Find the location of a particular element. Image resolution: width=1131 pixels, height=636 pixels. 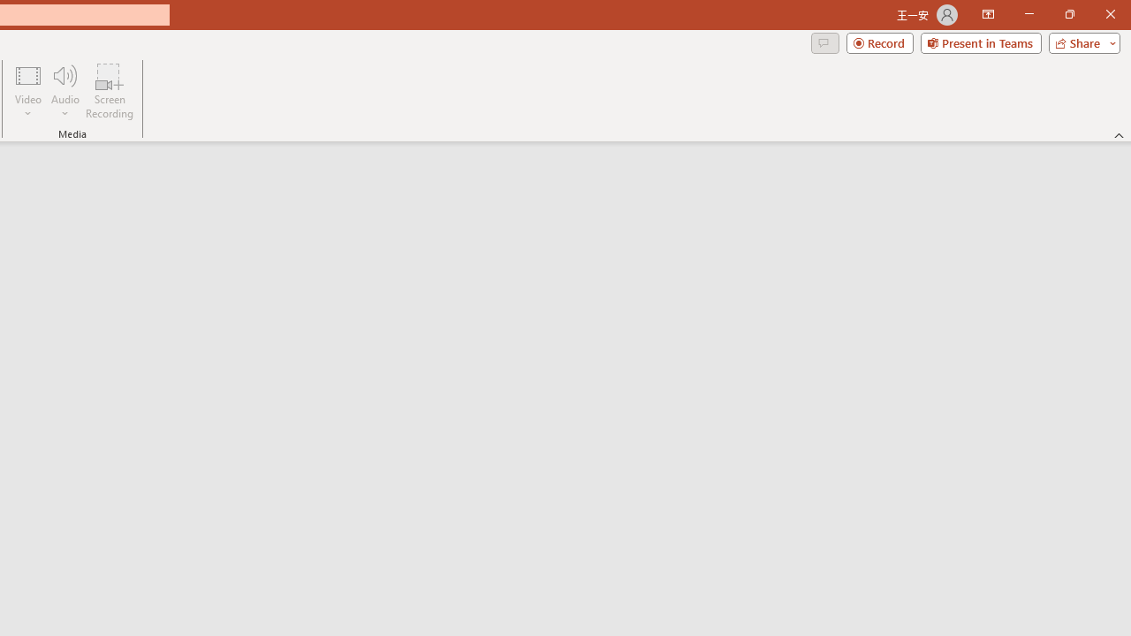

'Restore Down' is located at coordinates (1068, 14).